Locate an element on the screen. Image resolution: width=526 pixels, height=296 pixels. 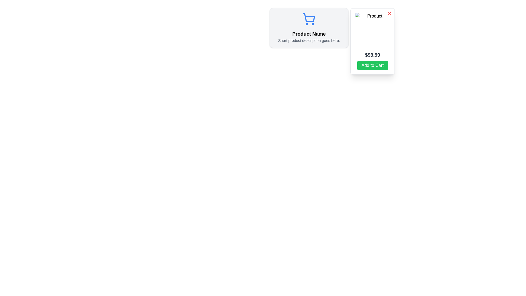
the Product display section, which includes a blue shopping cart icon and the text 'Product Name' in bold black font is located at coordinates (309, 28).